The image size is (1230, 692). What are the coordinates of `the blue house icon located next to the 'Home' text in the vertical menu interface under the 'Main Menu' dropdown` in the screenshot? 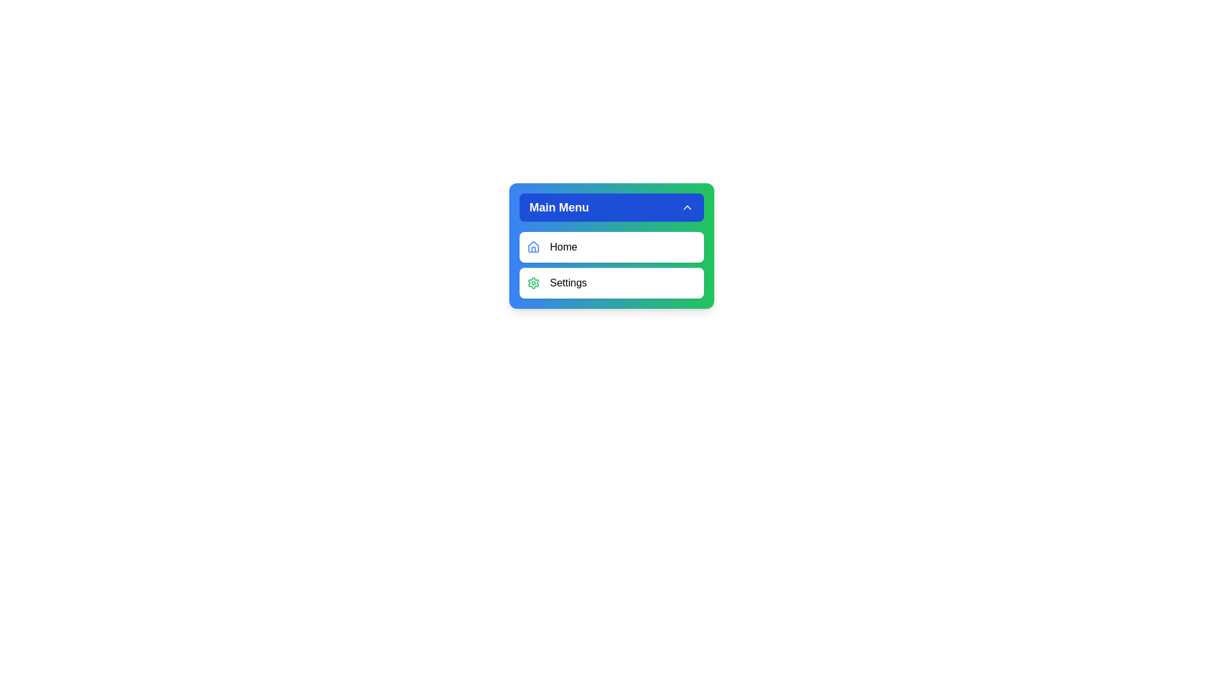 It's located at (533, 247).